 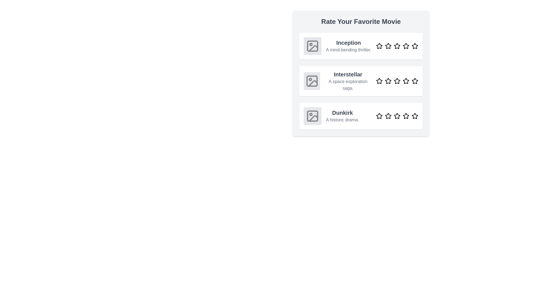 What do you see at coordinates (388, 116) in the screenshot?
I see `the second star rating icon for the 'Dunkirk' movie` at bounding box center [388, 116].